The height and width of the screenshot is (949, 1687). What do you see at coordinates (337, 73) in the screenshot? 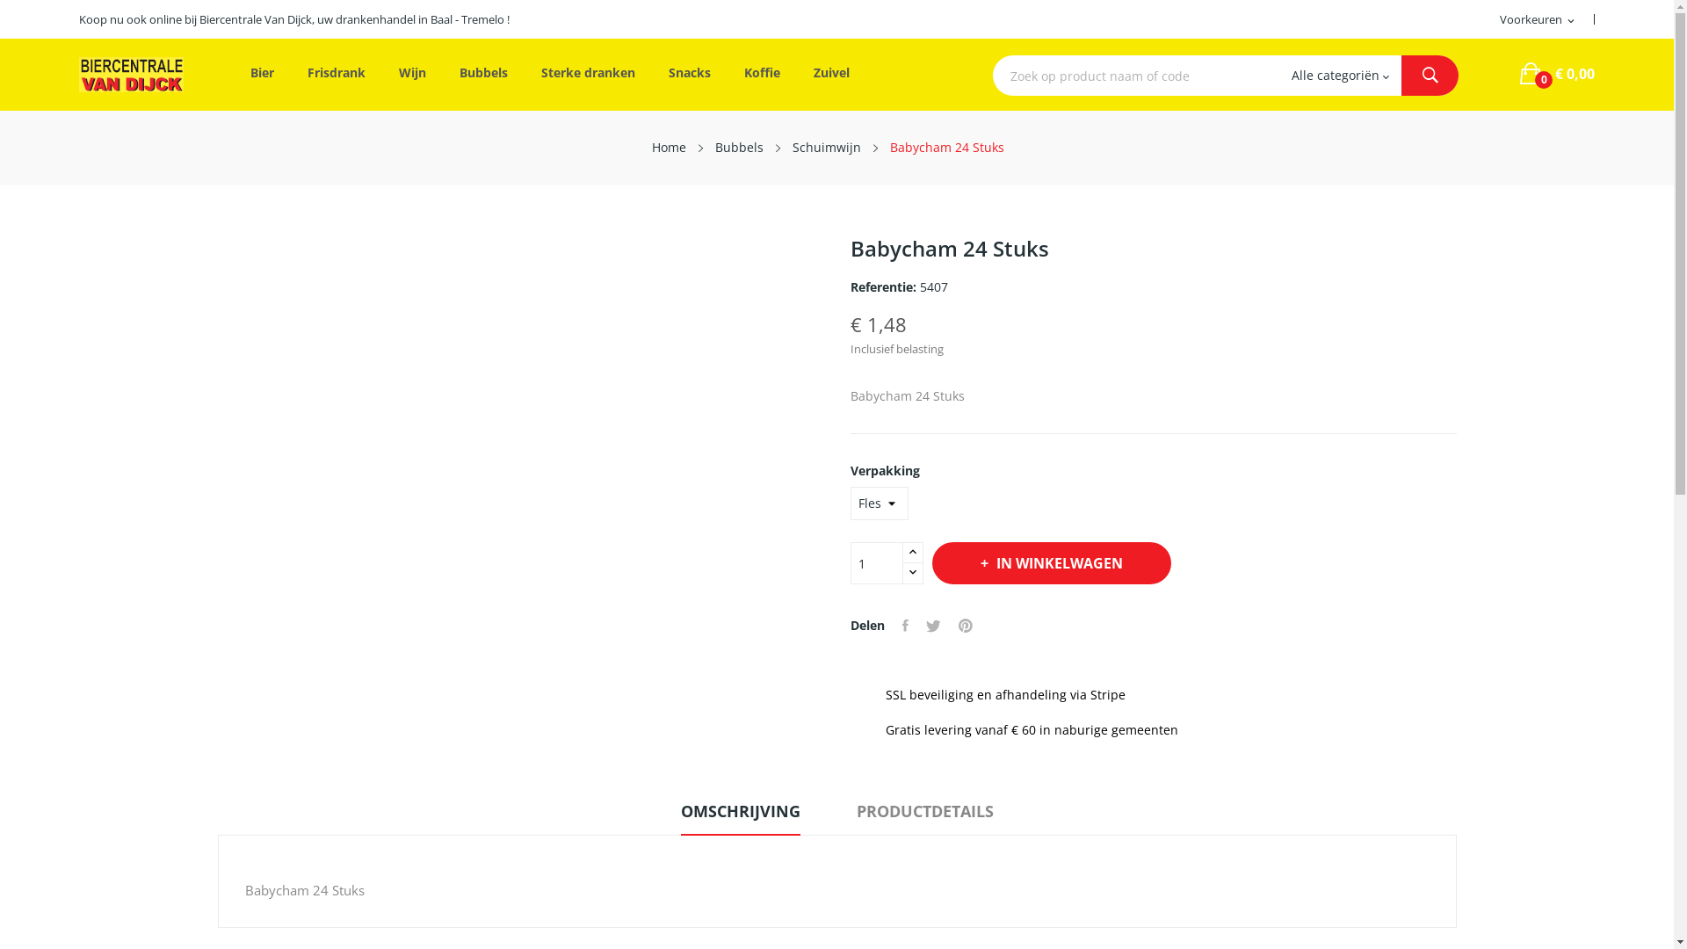
I see `'Frisdrank'` at bounding box center [337, 73].